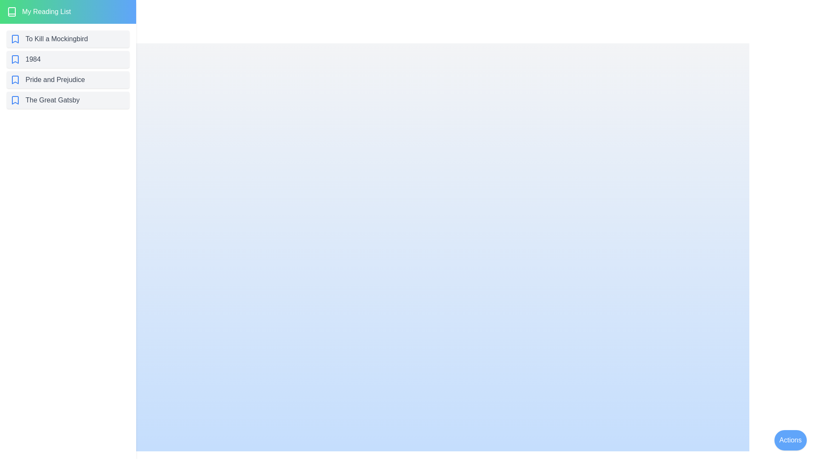  I want to click on top-left button to toggle the drawer visibility, so click(18, 18).